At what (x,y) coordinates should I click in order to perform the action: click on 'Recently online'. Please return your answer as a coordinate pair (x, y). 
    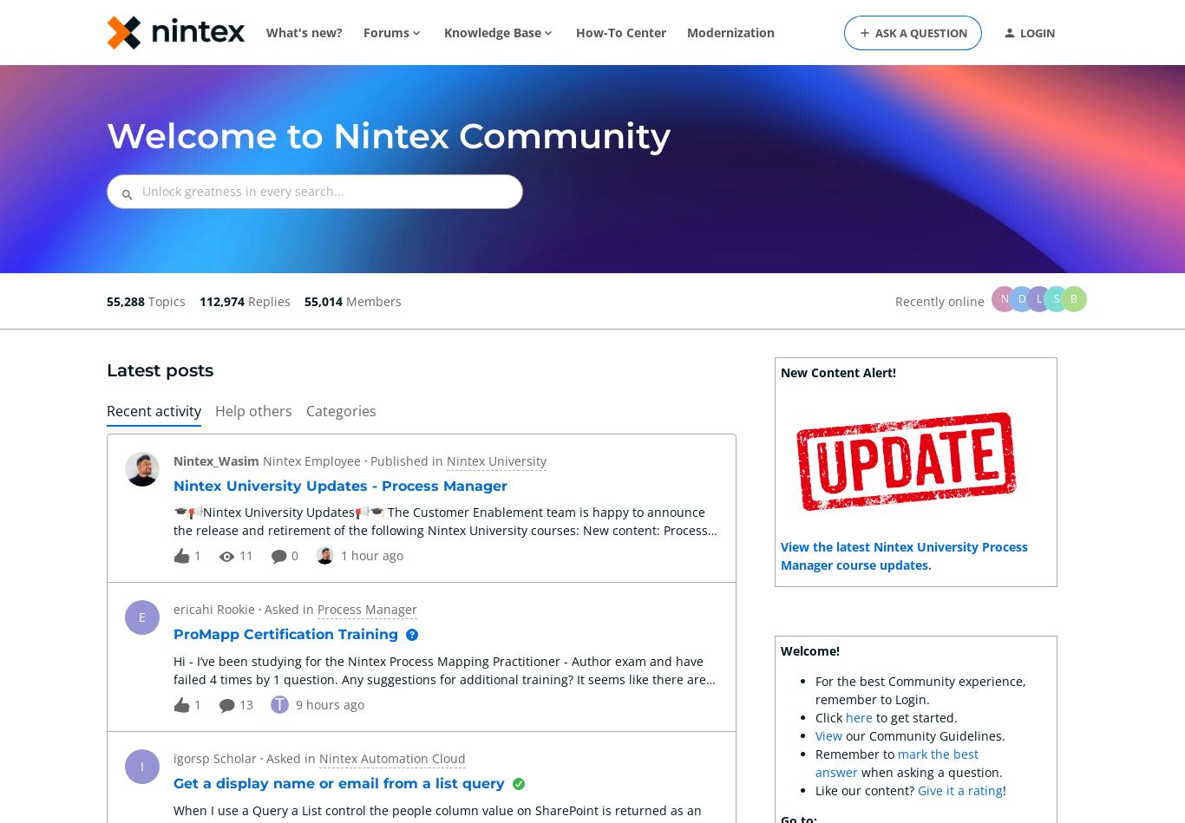
    Looking at the image, I should click on (894, 300).